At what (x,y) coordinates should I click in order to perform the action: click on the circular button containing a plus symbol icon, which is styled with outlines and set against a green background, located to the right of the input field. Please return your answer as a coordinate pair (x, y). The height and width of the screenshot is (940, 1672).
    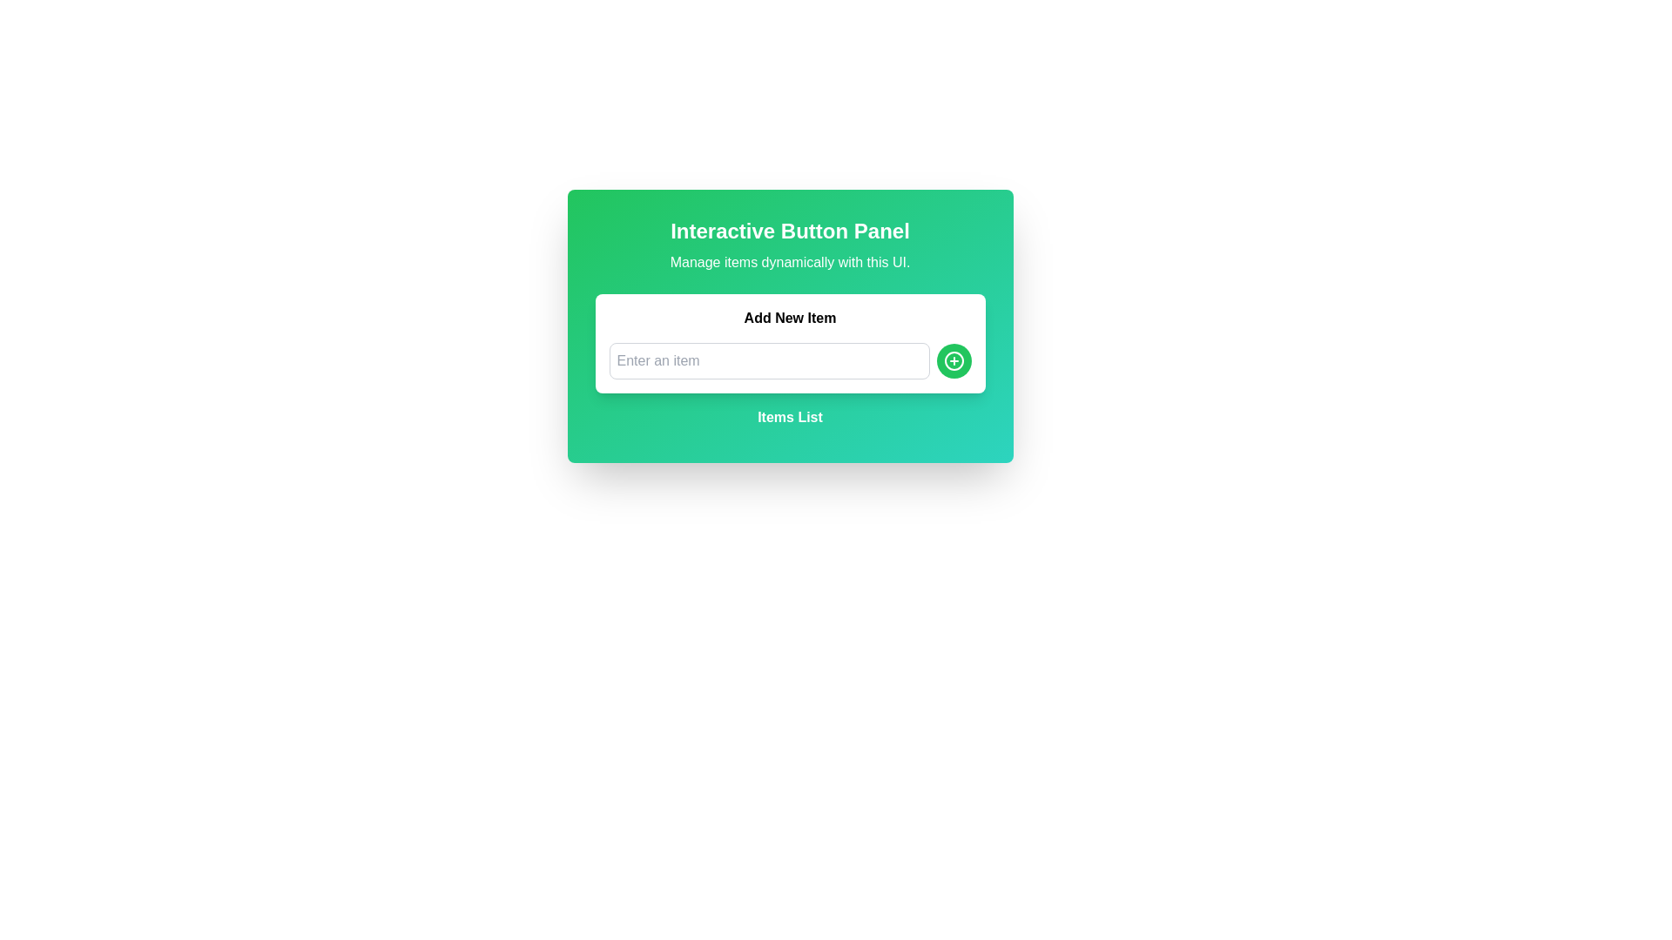
    Looking at the image, I should click on (953, 360).